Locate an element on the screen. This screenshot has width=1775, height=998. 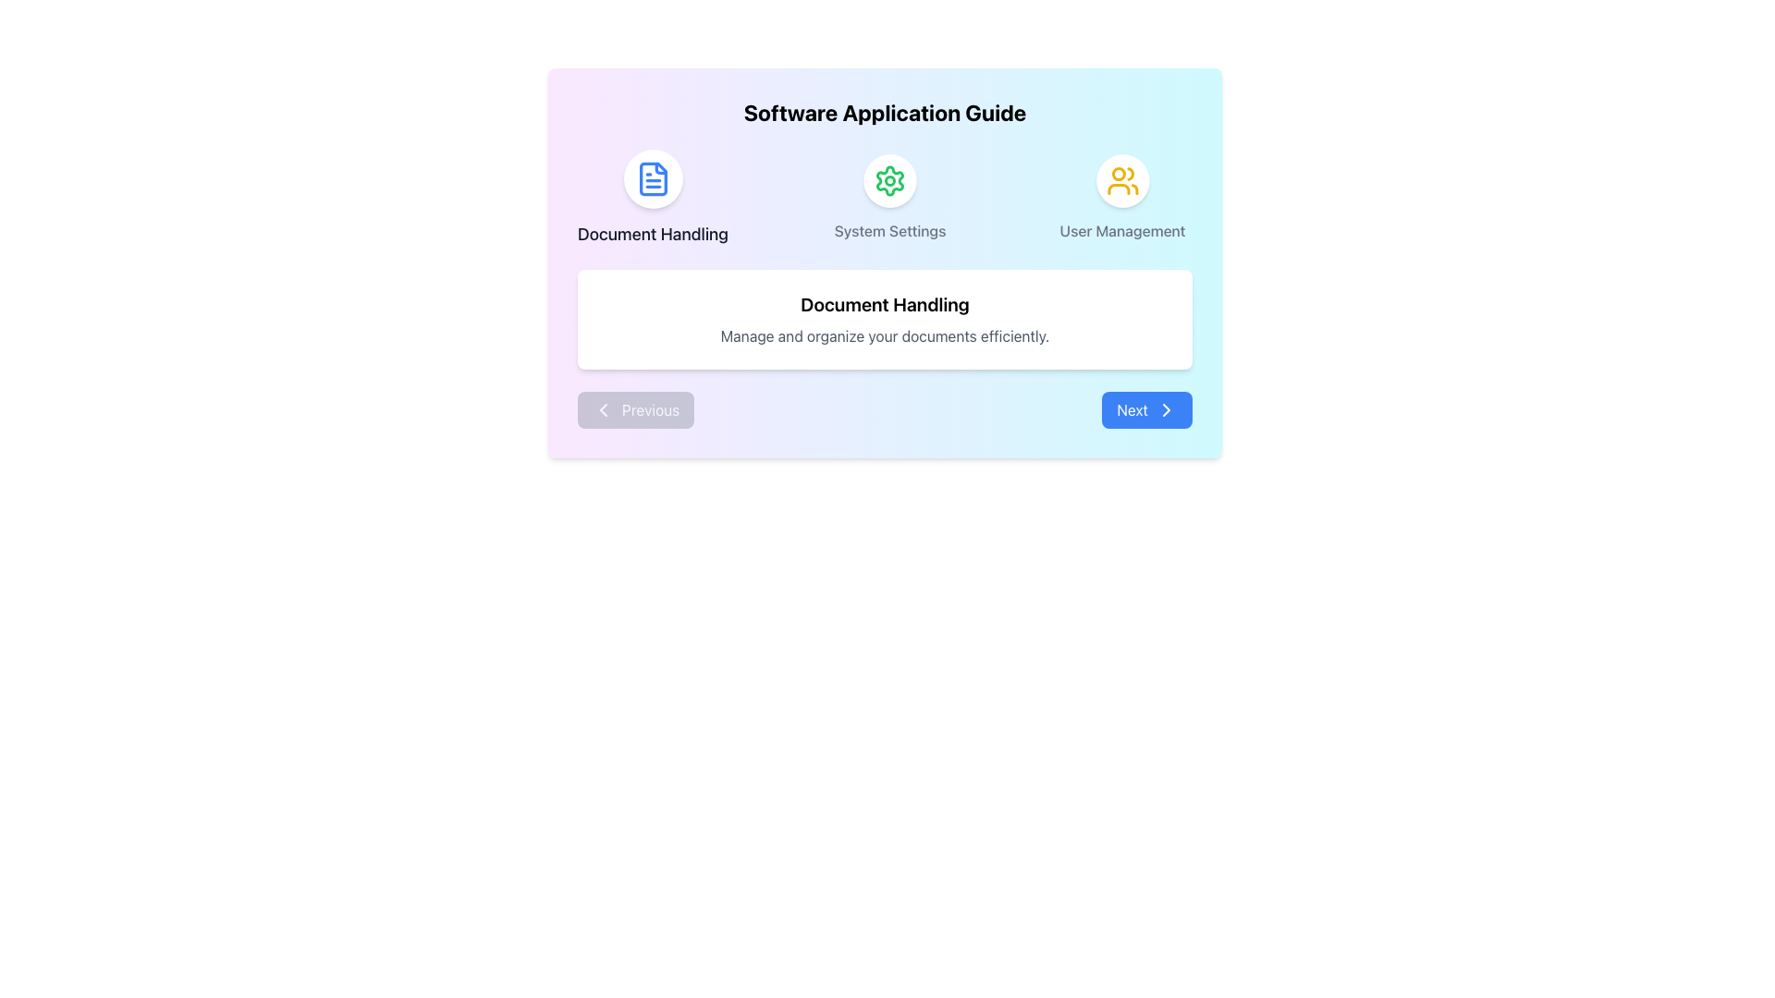
the arrow icon inside the 'Previous' button located at the bottom-left side of the main content area is located at coordinates (603, 408).